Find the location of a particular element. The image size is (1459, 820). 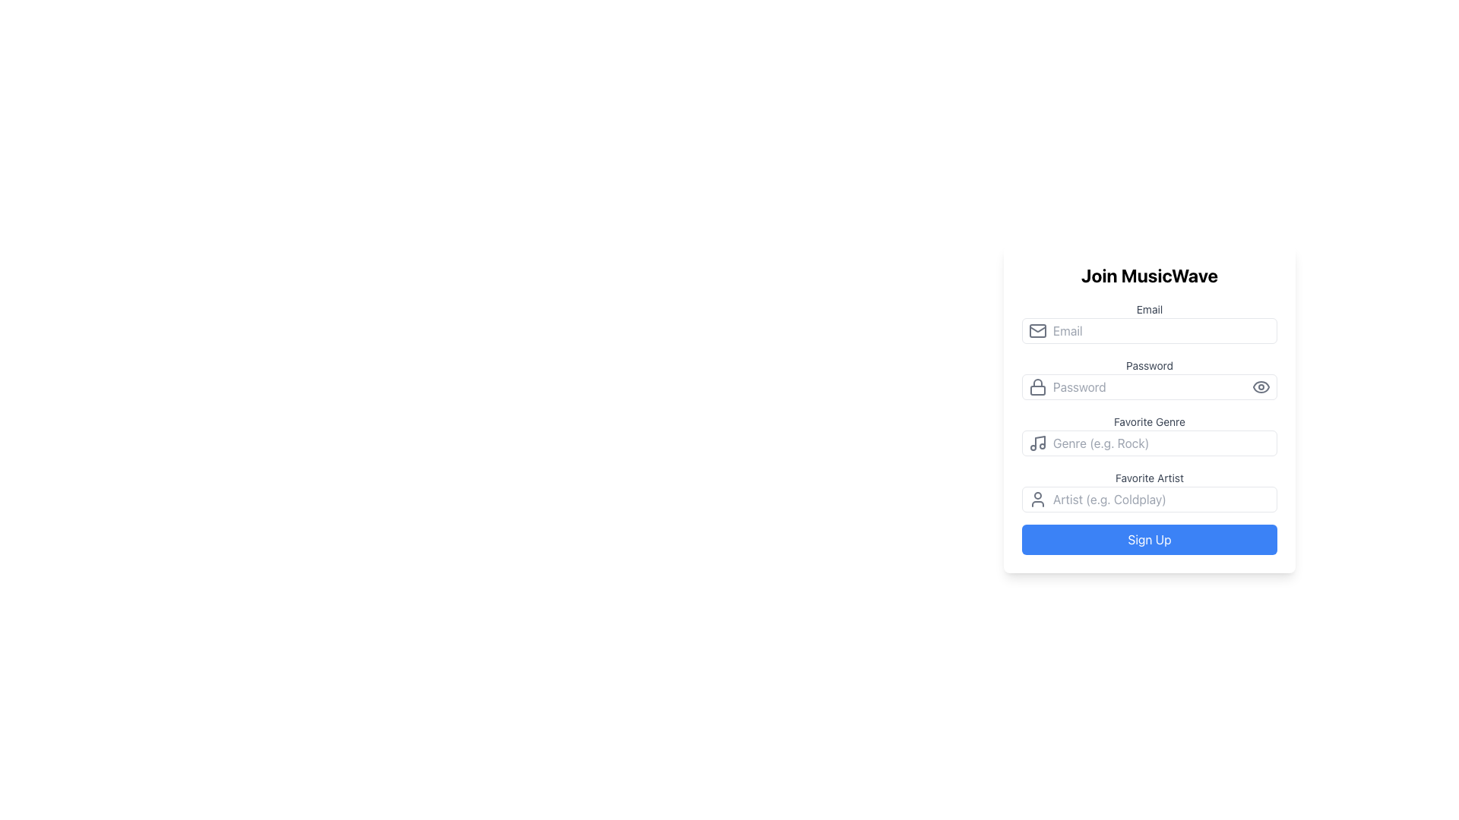

the lock icon located on the left side of the password input field in the 'Join MusicWave' form is located at coordinates (1037, 386).